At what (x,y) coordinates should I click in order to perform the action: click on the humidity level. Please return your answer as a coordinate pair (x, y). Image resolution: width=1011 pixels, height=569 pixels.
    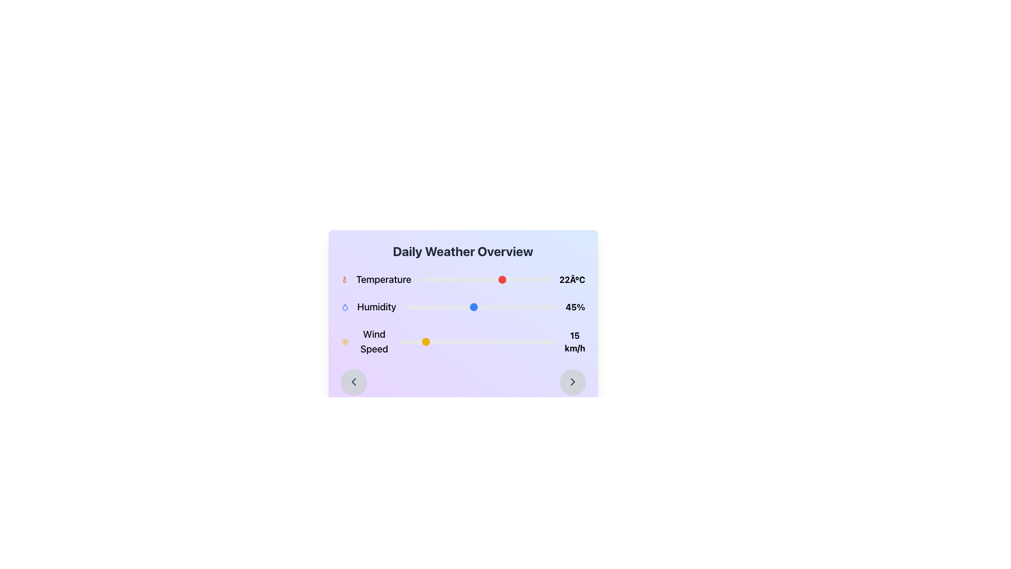
    Looking at the image, I should click on (440, 307).